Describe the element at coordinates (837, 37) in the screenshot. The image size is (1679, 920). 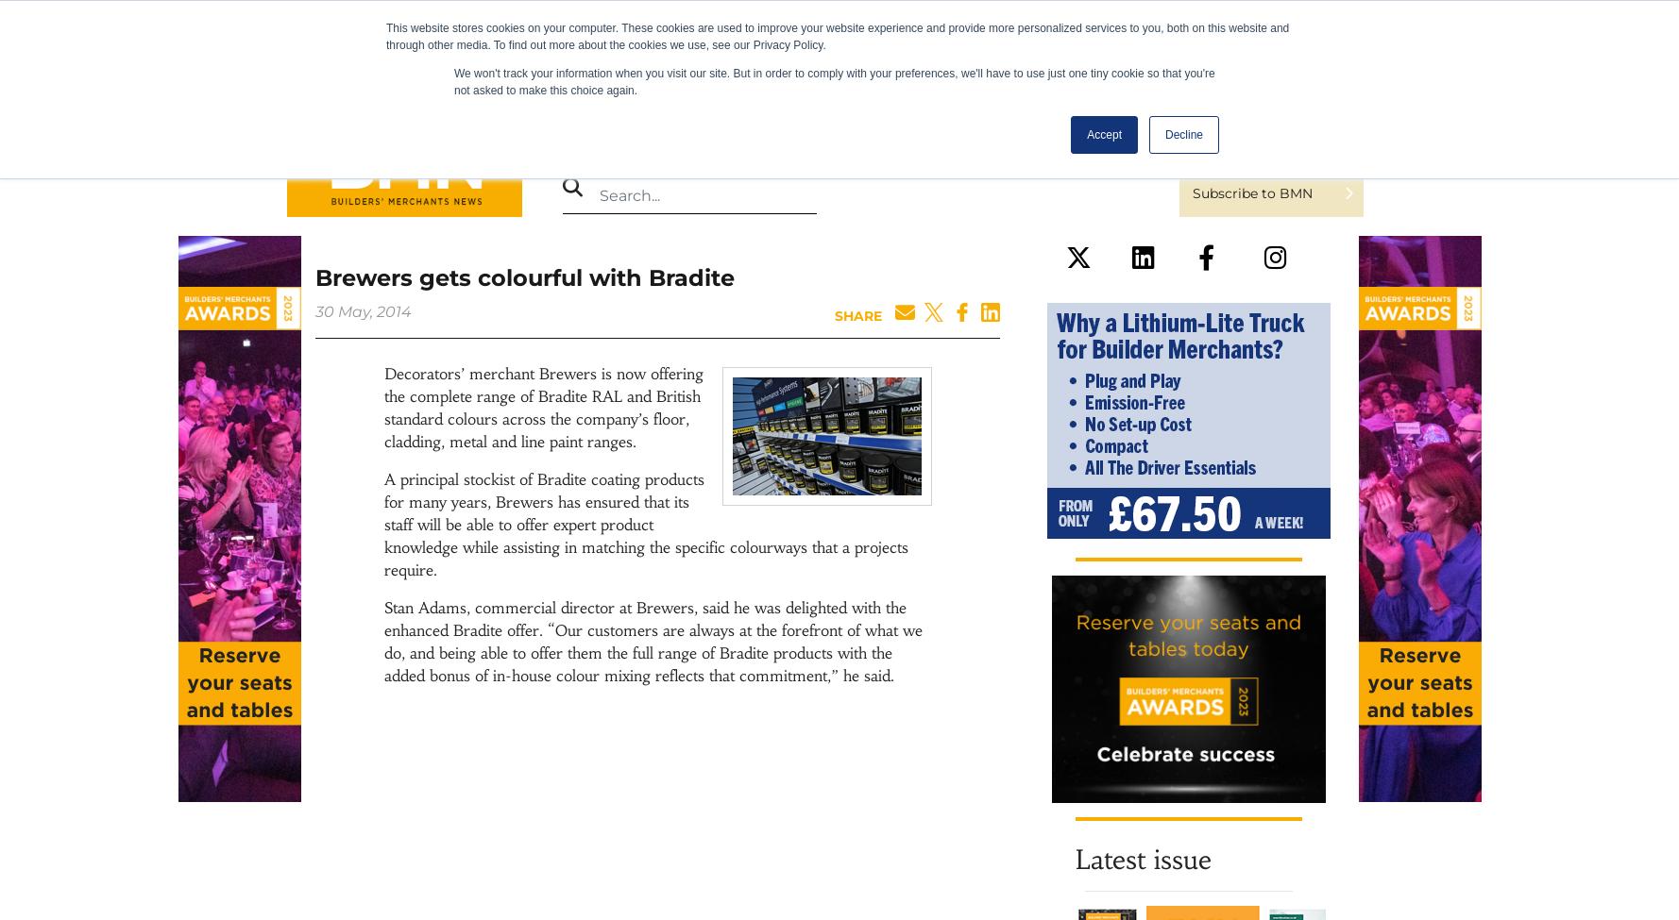
I see `'This website stores cookies on your computer. These cookies are used to improve your website experience and provide more personalized services to you, both on this website and through other media. To find out more about the cookies we use, see our Privacy Policy.'` at that location.